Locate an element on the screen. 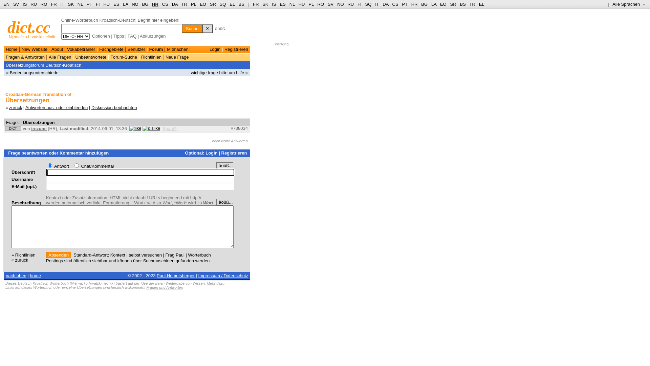 This screenshot has height=366, width=650. 'dict.cc' is located at coordinates (28, 27).